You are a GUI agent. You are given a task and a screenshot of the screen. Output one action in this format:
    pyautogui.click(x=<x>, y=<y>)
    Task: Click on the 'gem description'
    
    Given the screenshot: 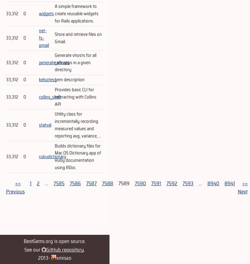 What is the action you would take?
    pyautogui.click(x=70, y=79)
    